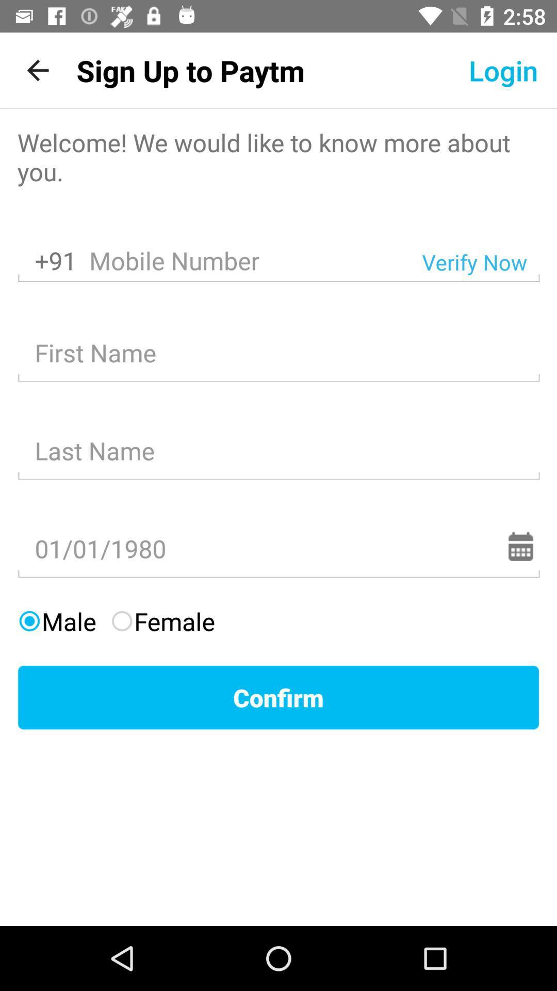 The height and width of the screenshot is (991, 557). What do you see at coordinates (190, 70) in the screenshot?
I see `the item above welcome we would item` at bounding box center [190, 70].